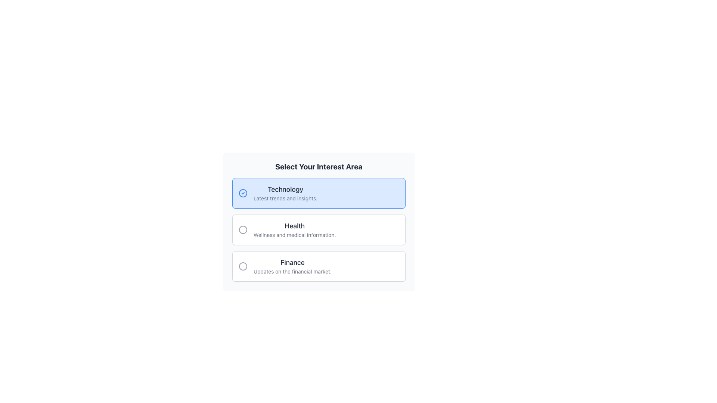 The height and width of the screenshot is (403, 717). Describe the element at coordinates (285, 193) in the screenshot. I see `text on the 'Technology' category option in the selectable group 'Select Your Interest Area', which is currently highlighted as active` at that location.